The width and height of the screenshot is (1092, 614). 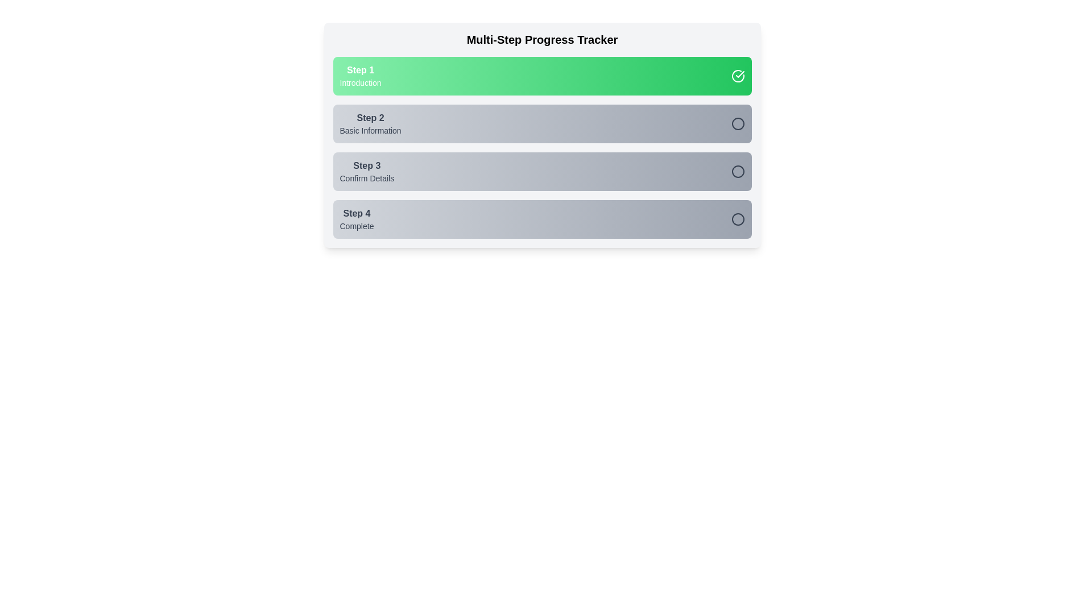 What do you see at coordinates (541, 135) in the screenshot?
I see `the Progress Tracker element, which visually represents the user's progress through a multi-step process and shows the second step located between the first and third steps` at bounding box center [541, 135].